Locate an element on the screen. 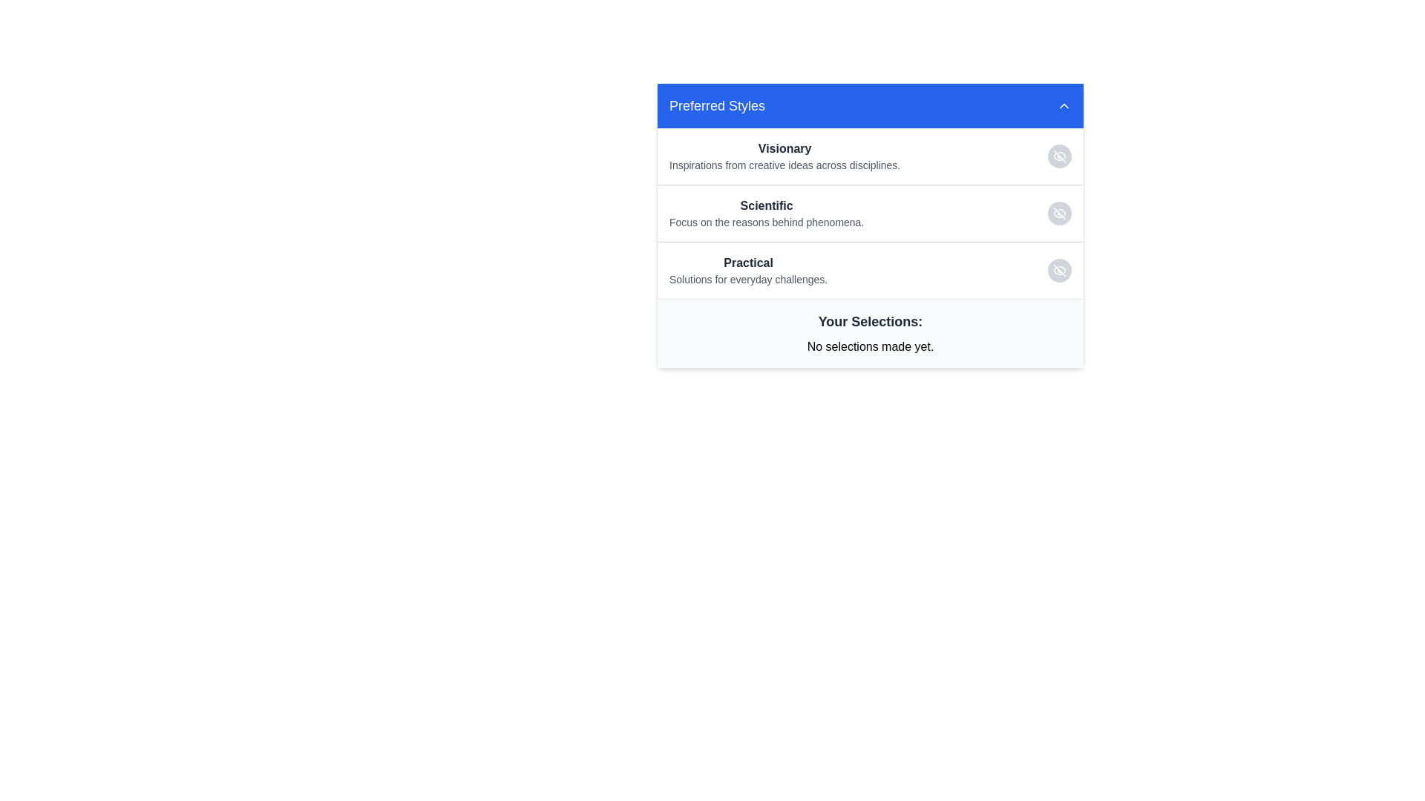 This screenshot has width=1425, height=801. the Eye-Off icon is located at coordinates (1059, 214).